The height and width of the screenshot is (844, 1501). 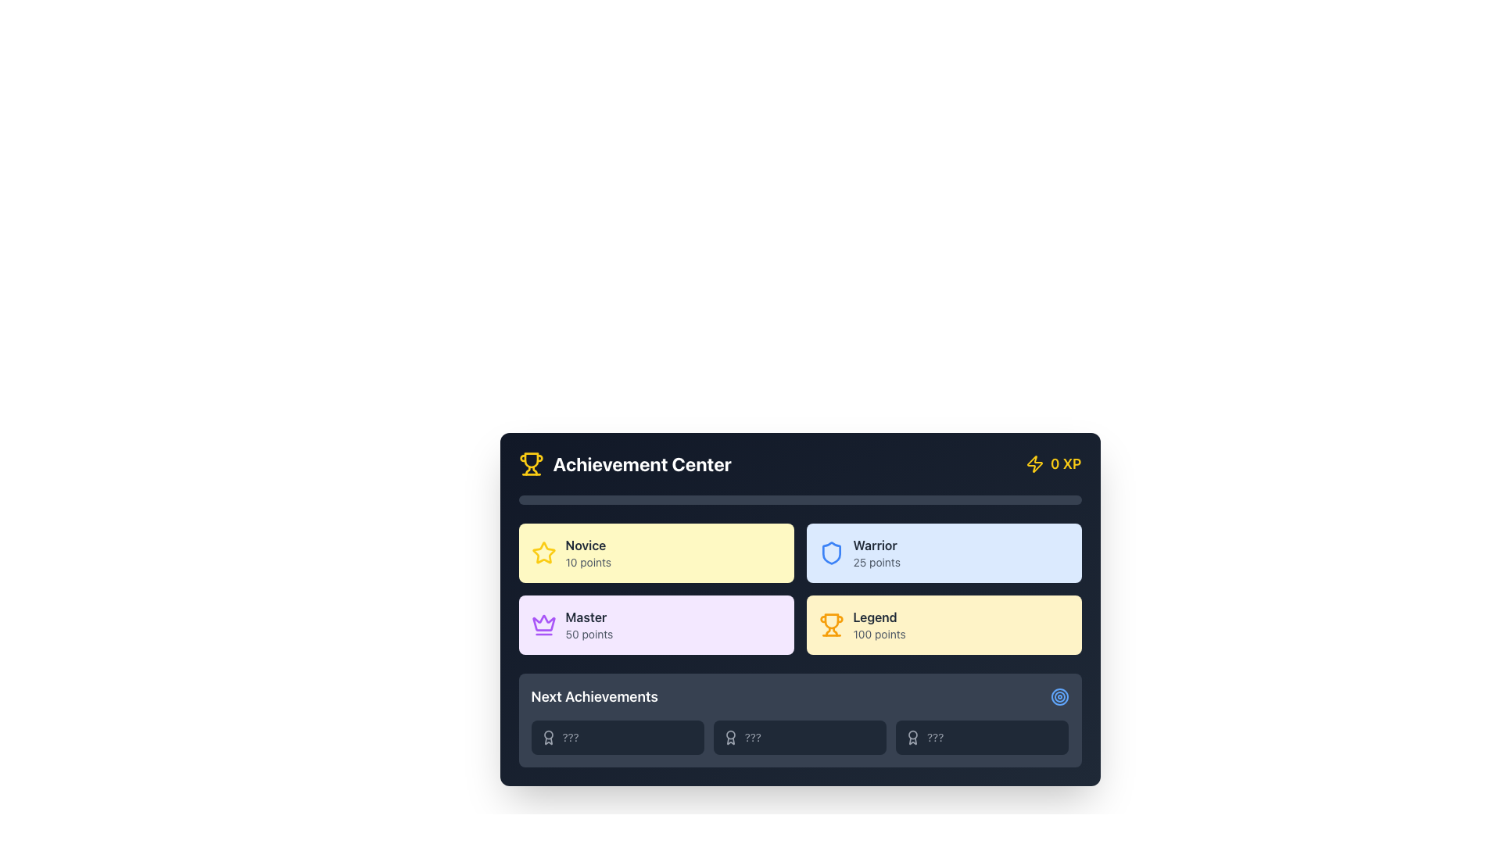 I want to click on the achievement label displaying 'Warrior' with a score of '25 points', located in the second column and first row of the achievement grid, adjacent to the shield icon, so click(x=876, y=553).